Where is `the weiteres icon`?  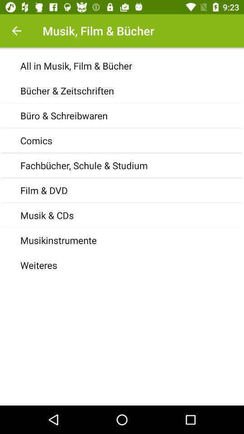 the weiteres icon is located at coordinates (131, 265).